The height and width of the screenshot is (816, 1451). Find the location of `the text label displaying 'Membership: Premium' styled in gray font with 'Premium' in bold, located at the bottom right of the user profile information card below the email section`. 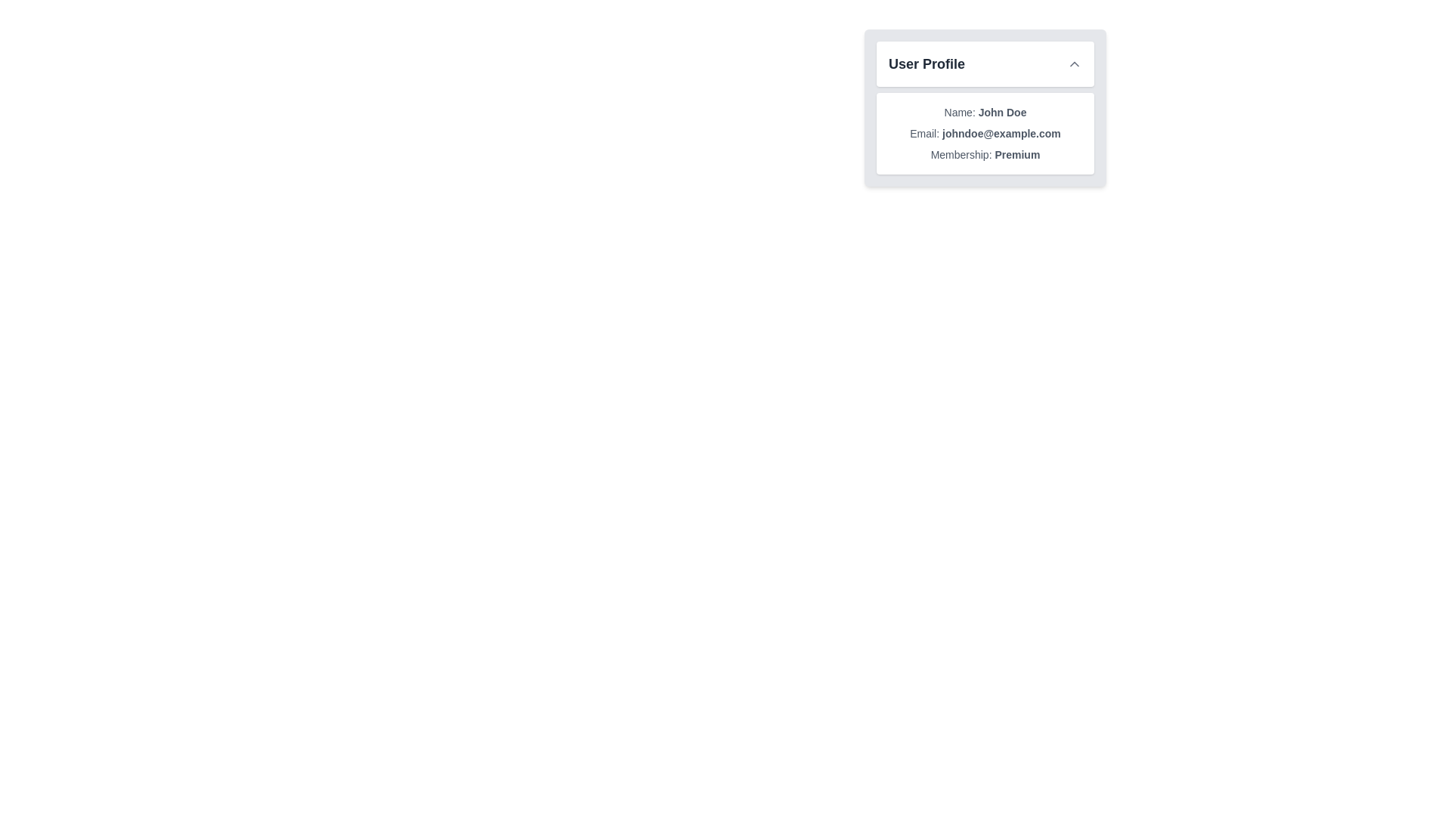

the text label displaying 'Membership: Premium' styled in gray font with 'Premium' in bold, located at the bottom right of the user profile information card below the email section is located at coordinates (985, 154).